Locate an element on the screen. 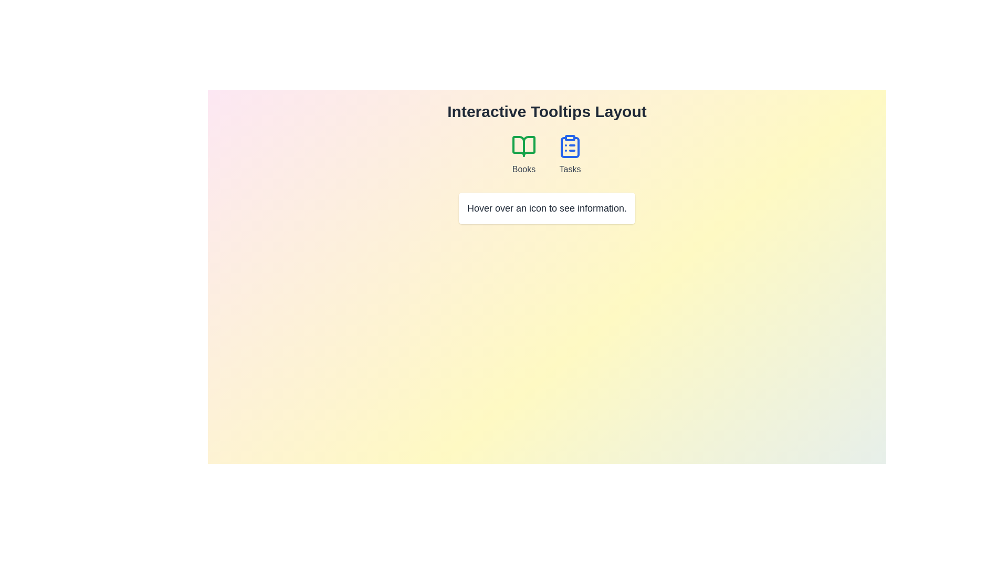 This screenshot has height=567, width=1008. the small rounded rectangle element, styled with no fill, located at the top portion of the clipboard icon in the interface is located at coordinates (569, 137).